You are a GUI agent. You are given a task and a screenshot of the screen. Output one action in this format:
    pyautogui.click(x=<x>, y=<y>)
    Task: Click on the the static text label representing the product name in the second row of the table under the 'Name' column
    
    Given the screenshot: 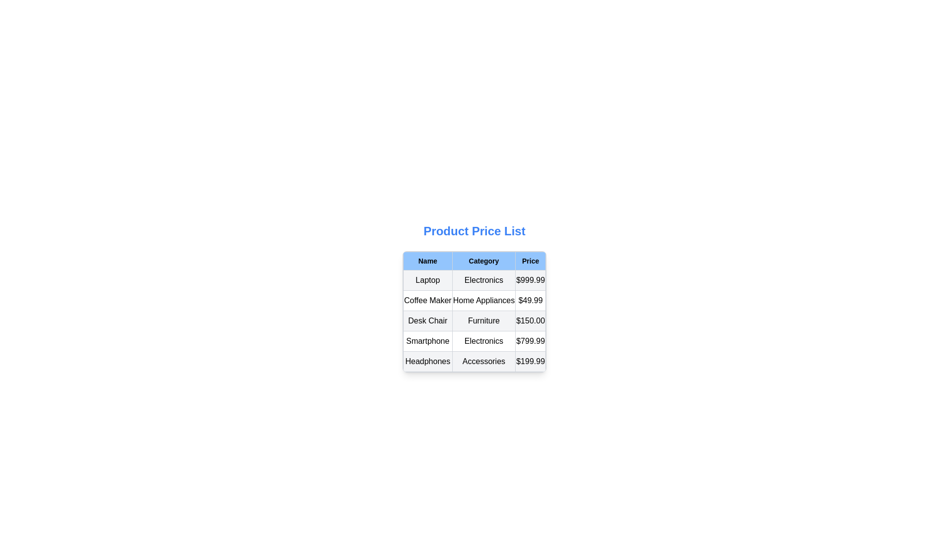 What is the action you would take?
    pyautogui.click(x=427, y=300)
    